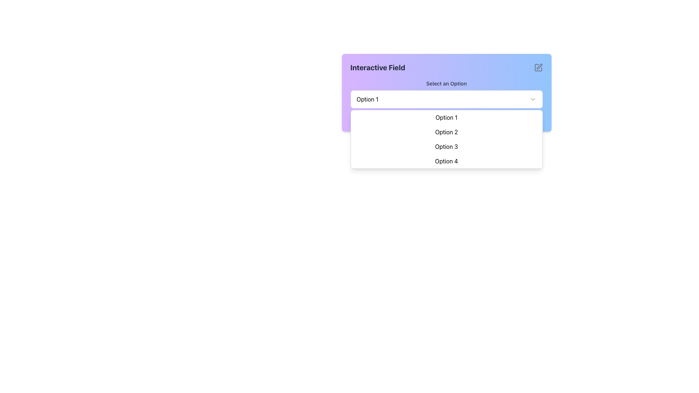  I want to click on to select the list item displaying 'Option 2' in the dropdown menu, so click(446, 132).